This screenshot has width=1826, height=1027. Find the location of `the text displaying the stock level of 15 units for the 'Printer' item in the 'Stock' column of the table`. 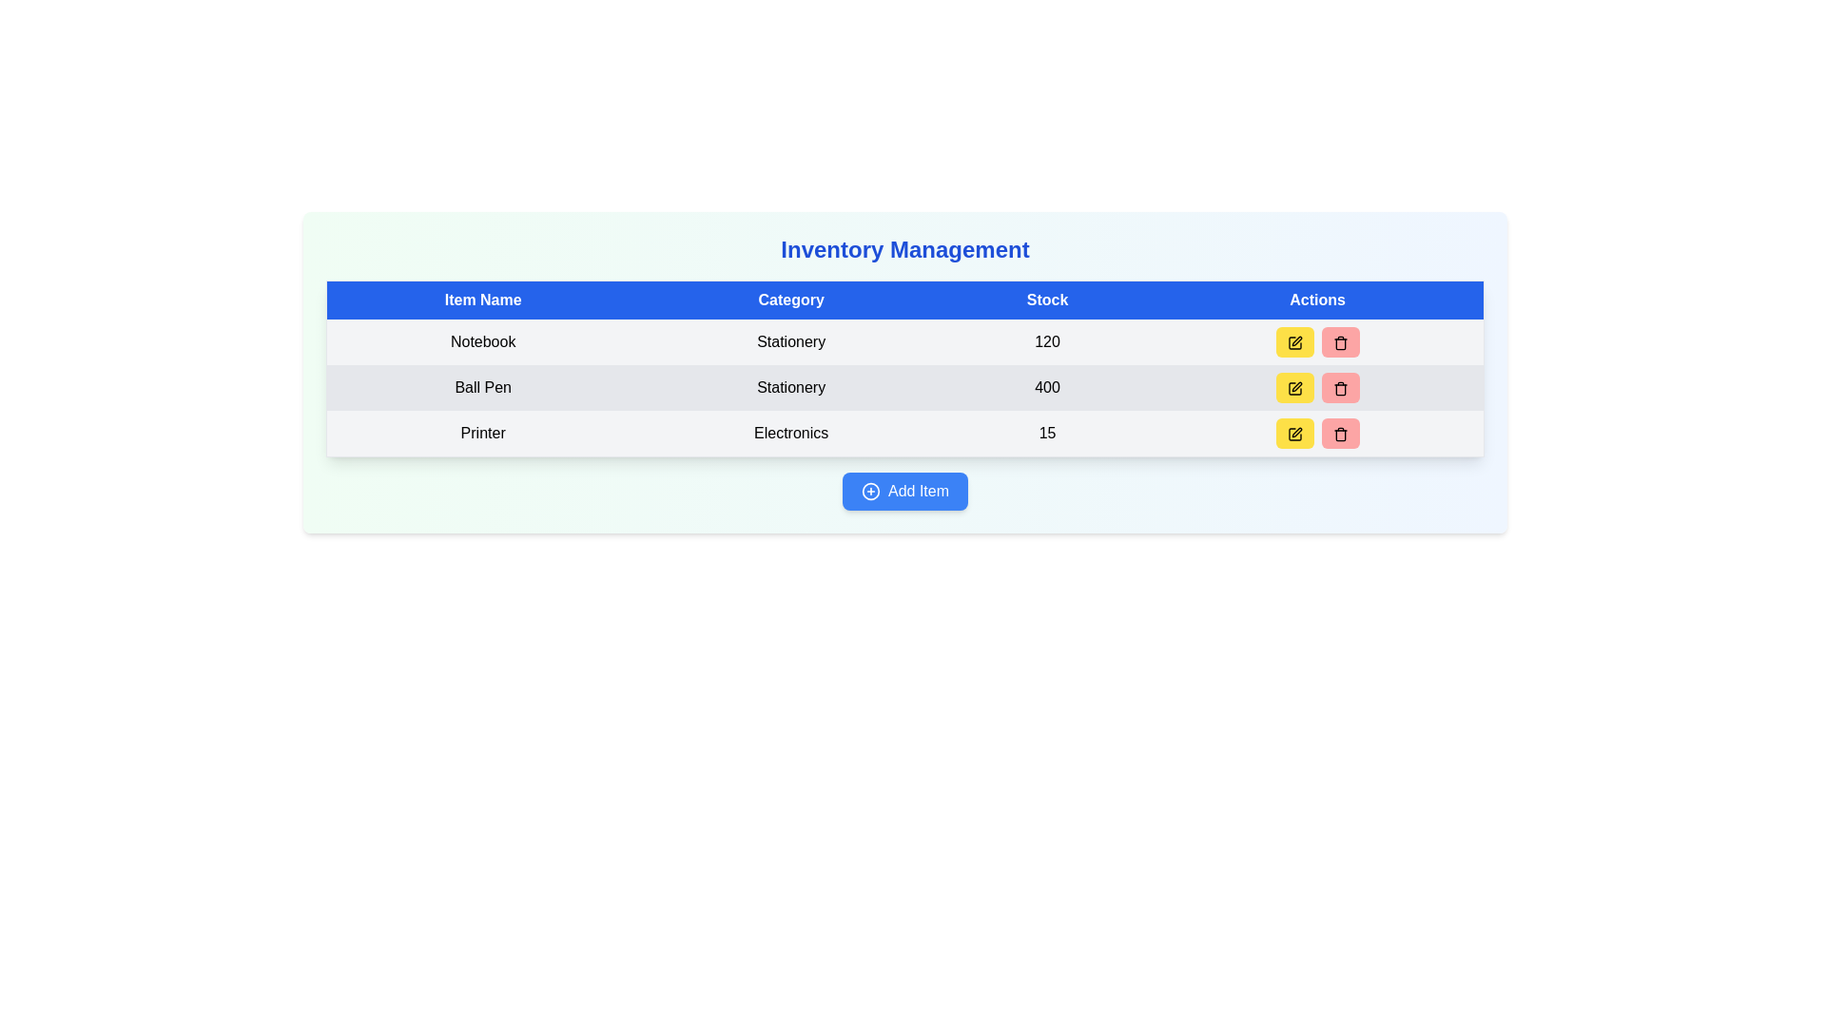

the text displaying the stock level of 15 units for the 'Printer' item in the 'Stock' column of the table is located at coordinates (1046, 434).